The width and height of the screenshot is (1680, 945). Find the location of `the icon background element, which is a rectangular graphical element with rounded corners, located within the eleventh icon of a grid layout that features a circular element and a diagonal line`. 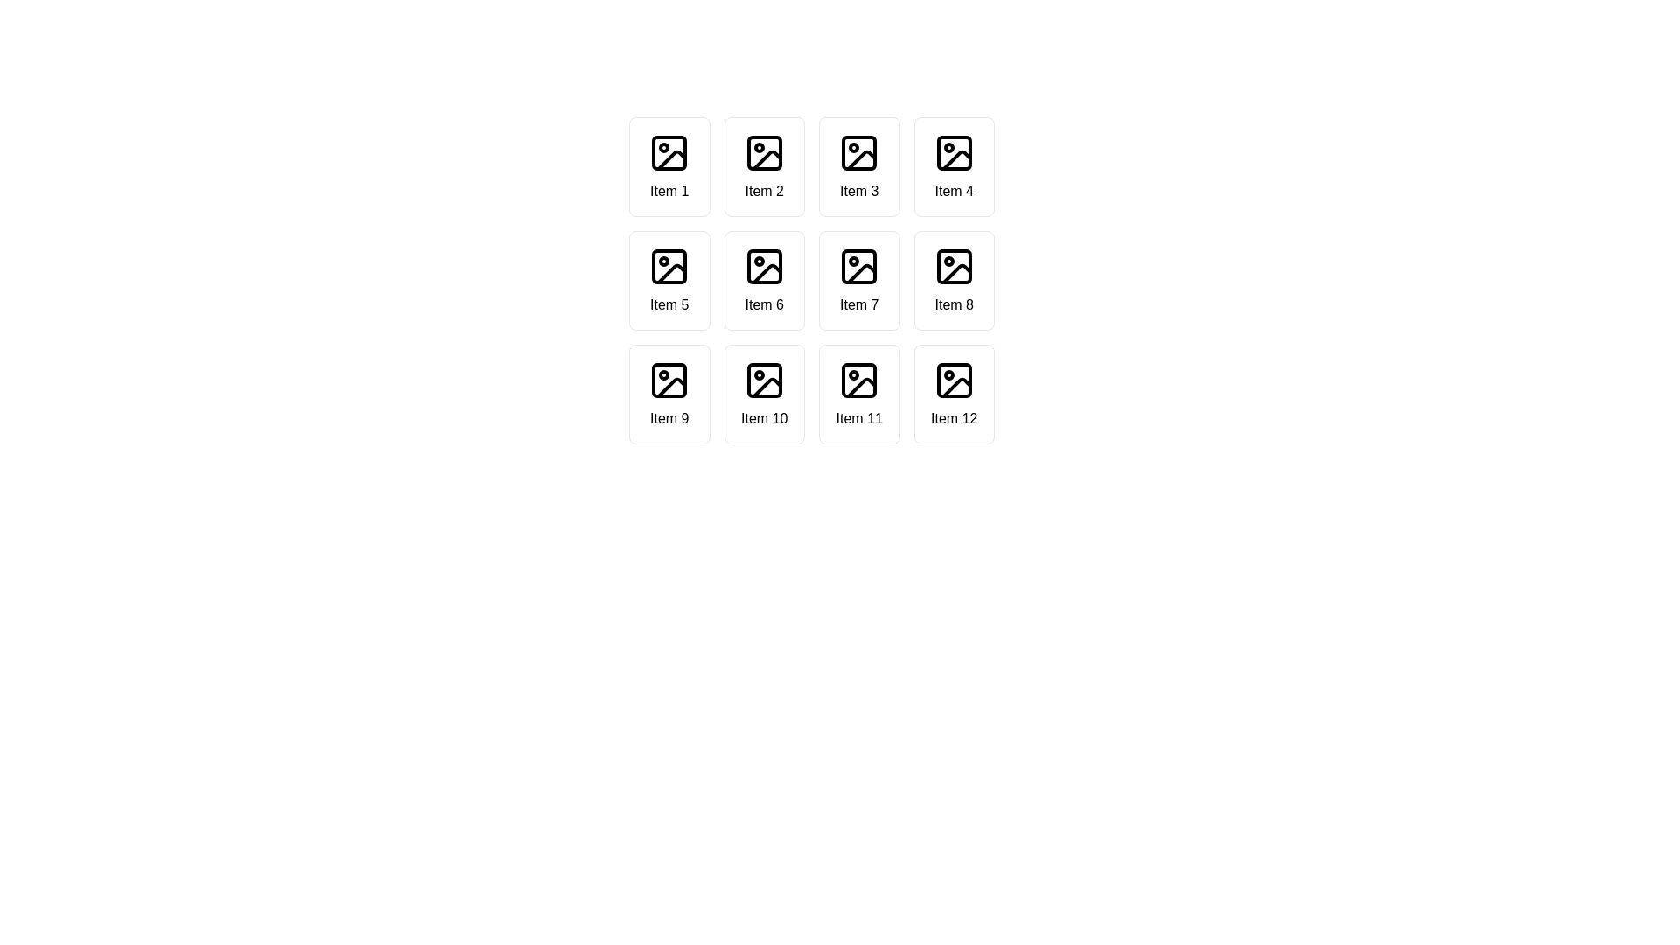

the icon background element, which is a rectangular graphical element with rounded corners, located within the eleventh icon of a grid layout that features a circular element and a diagonal line is located at coordinates (859, 380).